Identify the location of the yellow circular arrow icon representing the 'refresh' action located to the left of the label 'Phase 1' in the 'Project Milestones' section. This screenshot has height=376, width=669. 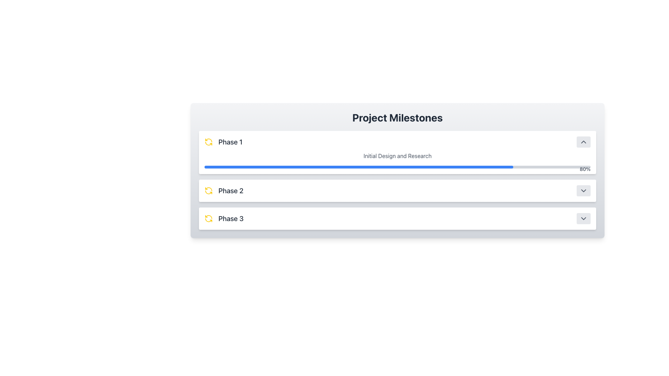
(208, 142).